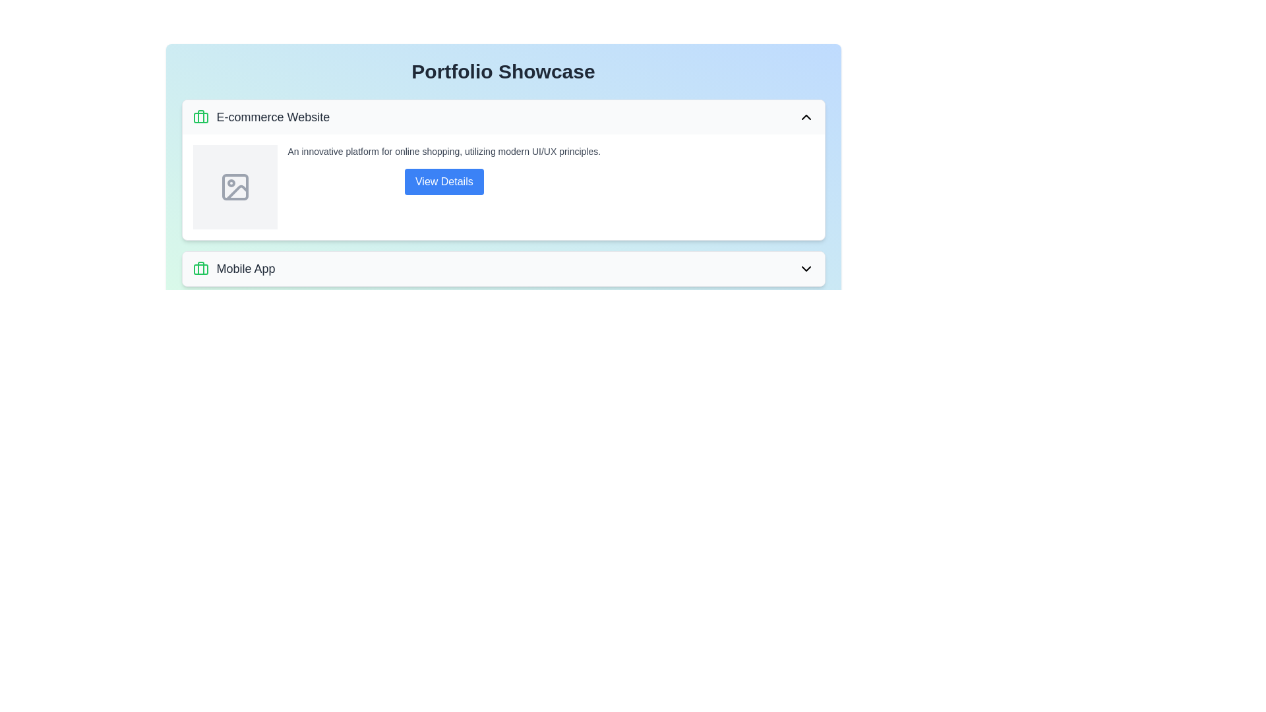 The width and height of the screenshot is (1266, 712). I want to click on the descriptive text label that reads 'An innovative platform for online shopping, utilizing modern UI/UX principles.' which is located below the title 'E-commerce Website' and above the 'View Details' button, so click(444, 151).